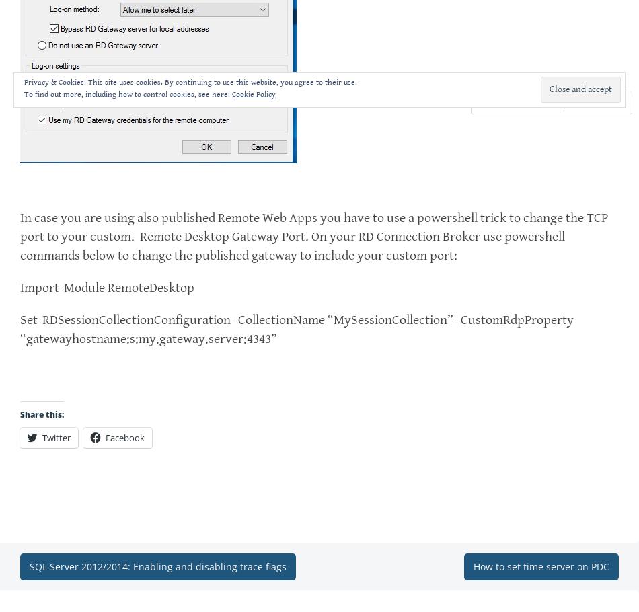 The image size is (639, 612). I want to click on 'In case you are using also published Remote Web Apps you have to use a powershell trick to change the TCP port to your custom.  Remote Desktop Gateway Port. On your RD Connection Broker use powershell commands below to change the published gateway to include your custom port:', so click(313, 236).